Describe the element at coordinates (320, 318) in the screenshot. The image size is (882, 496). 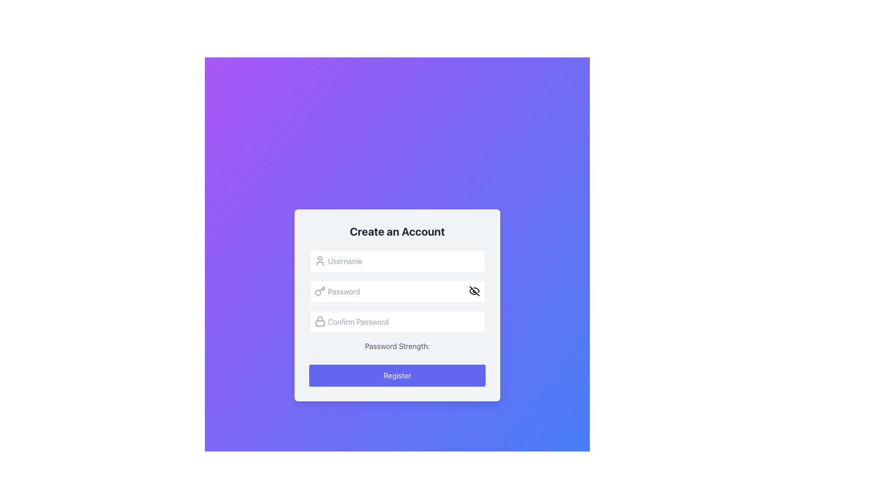
I see `the upper section of the lock icon's shackle, which visually reinforces security in the 'Confirm Password' input field` at that location.